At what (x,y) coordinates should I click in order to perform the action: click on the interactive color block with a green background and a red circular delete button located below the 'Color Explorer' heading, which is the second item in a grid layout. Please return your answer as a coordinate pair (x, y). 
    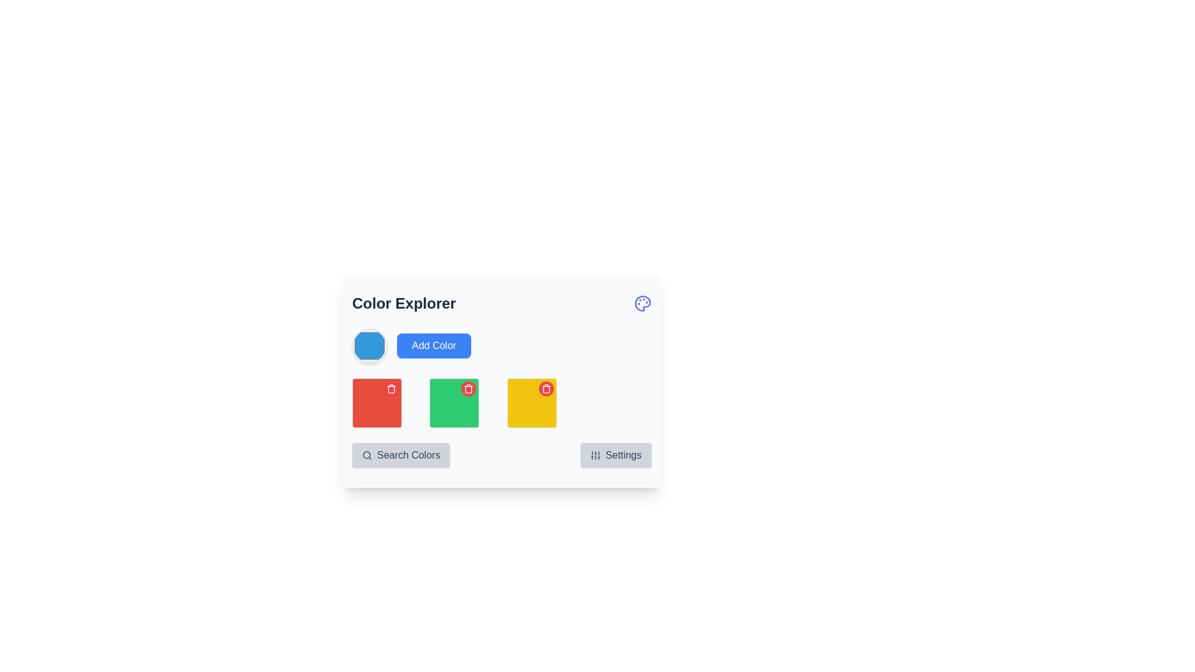
    Looking at the image, I should click on (454, 403).